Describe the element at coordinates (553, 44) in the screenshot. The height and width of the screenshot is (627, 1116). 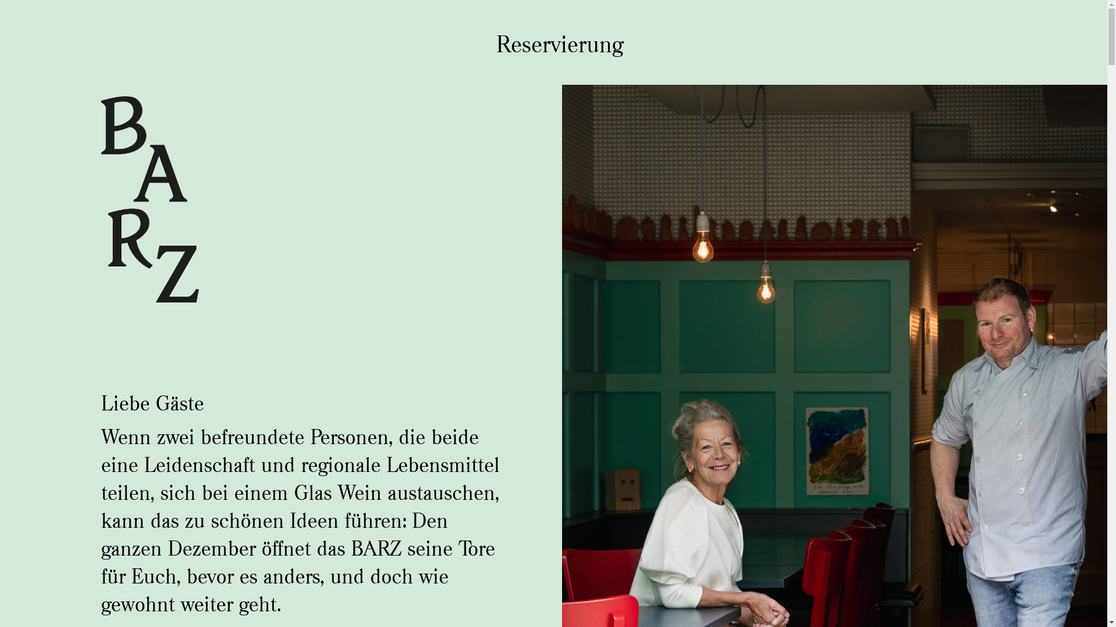
I see `' Reservierung'` at that location.